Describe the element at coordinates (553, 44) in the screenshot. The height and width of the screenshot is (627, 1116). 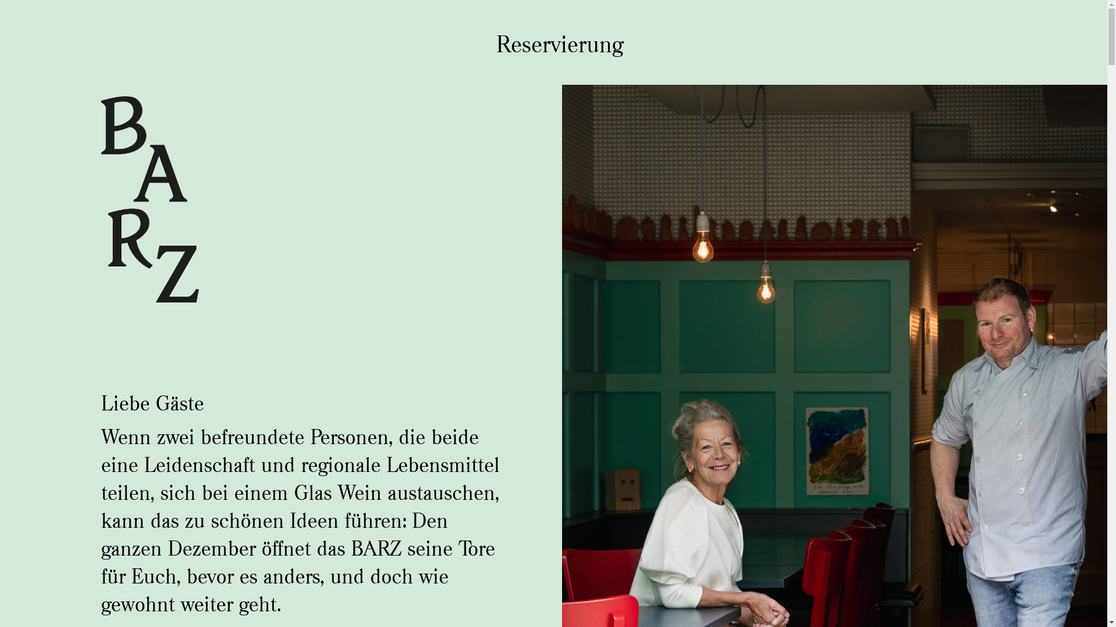
I see `' Reservierung'` at that location.